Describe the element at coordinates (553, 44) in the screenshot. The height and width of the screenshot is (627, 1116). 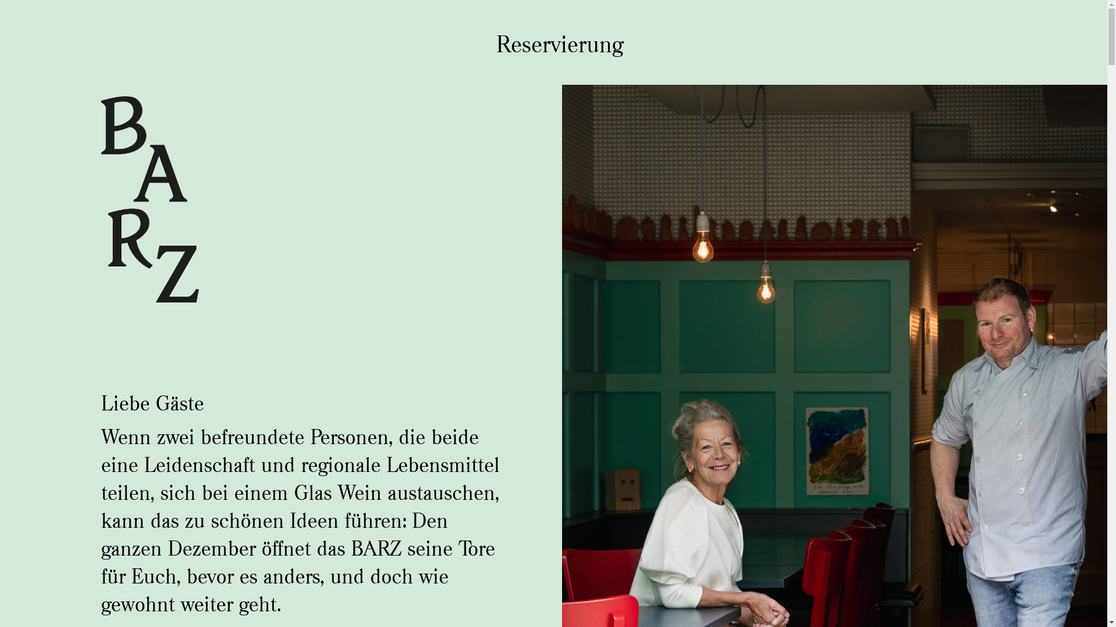
I see `' Reservierung'` at that location.